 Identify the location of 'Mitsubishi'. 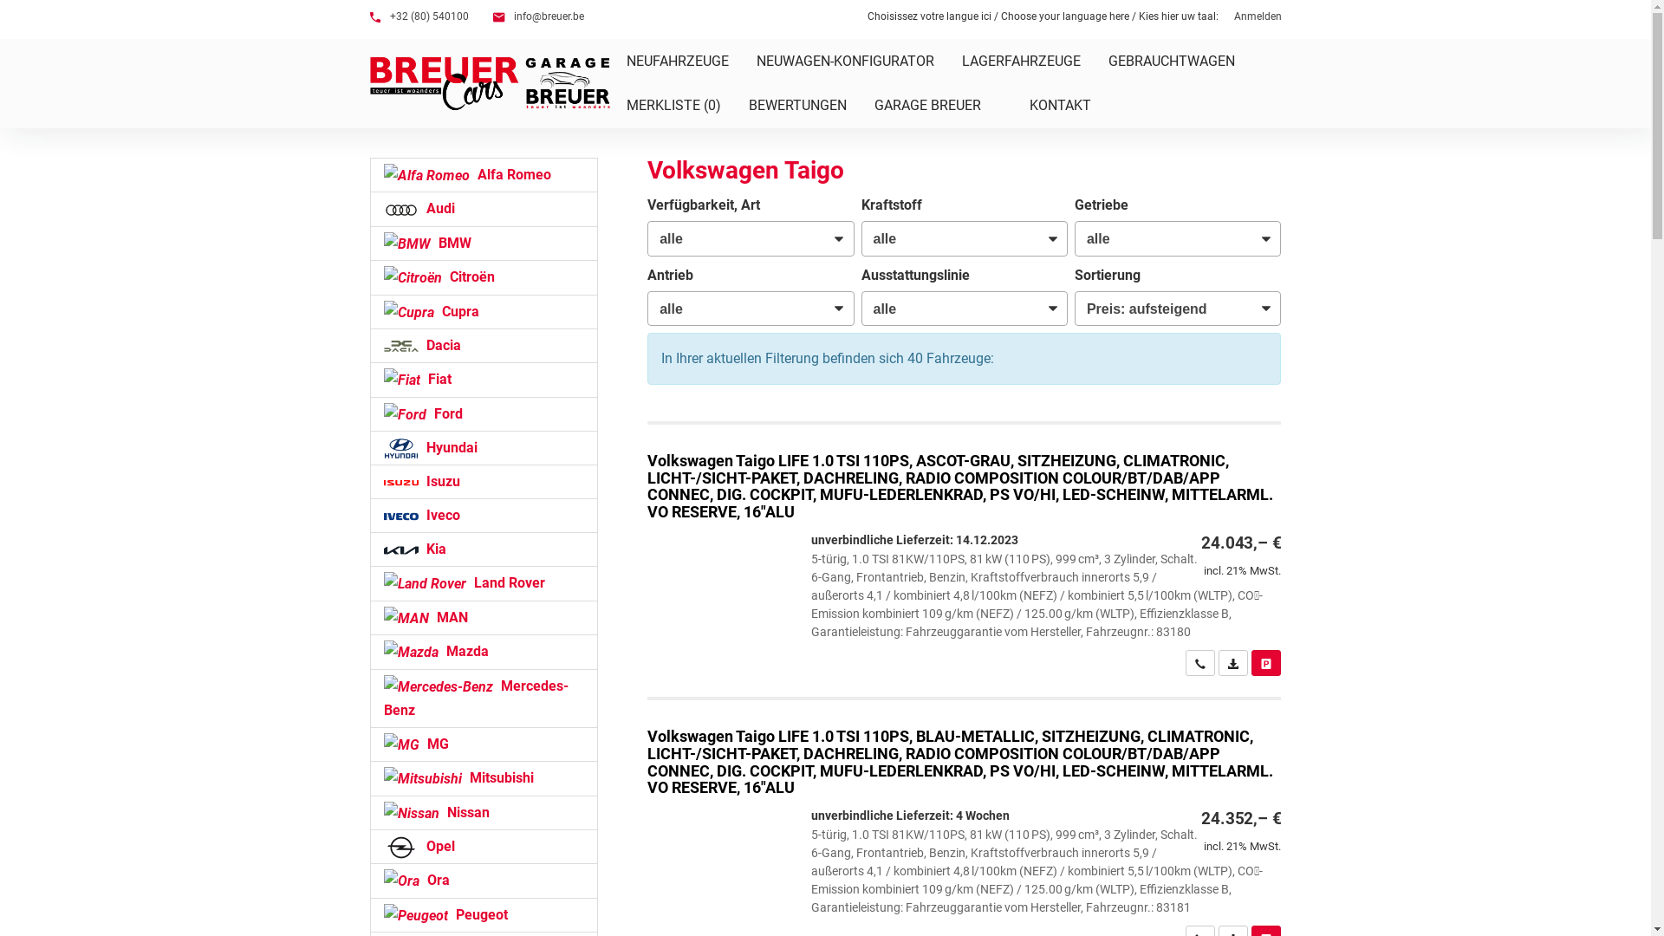
(483, 777).